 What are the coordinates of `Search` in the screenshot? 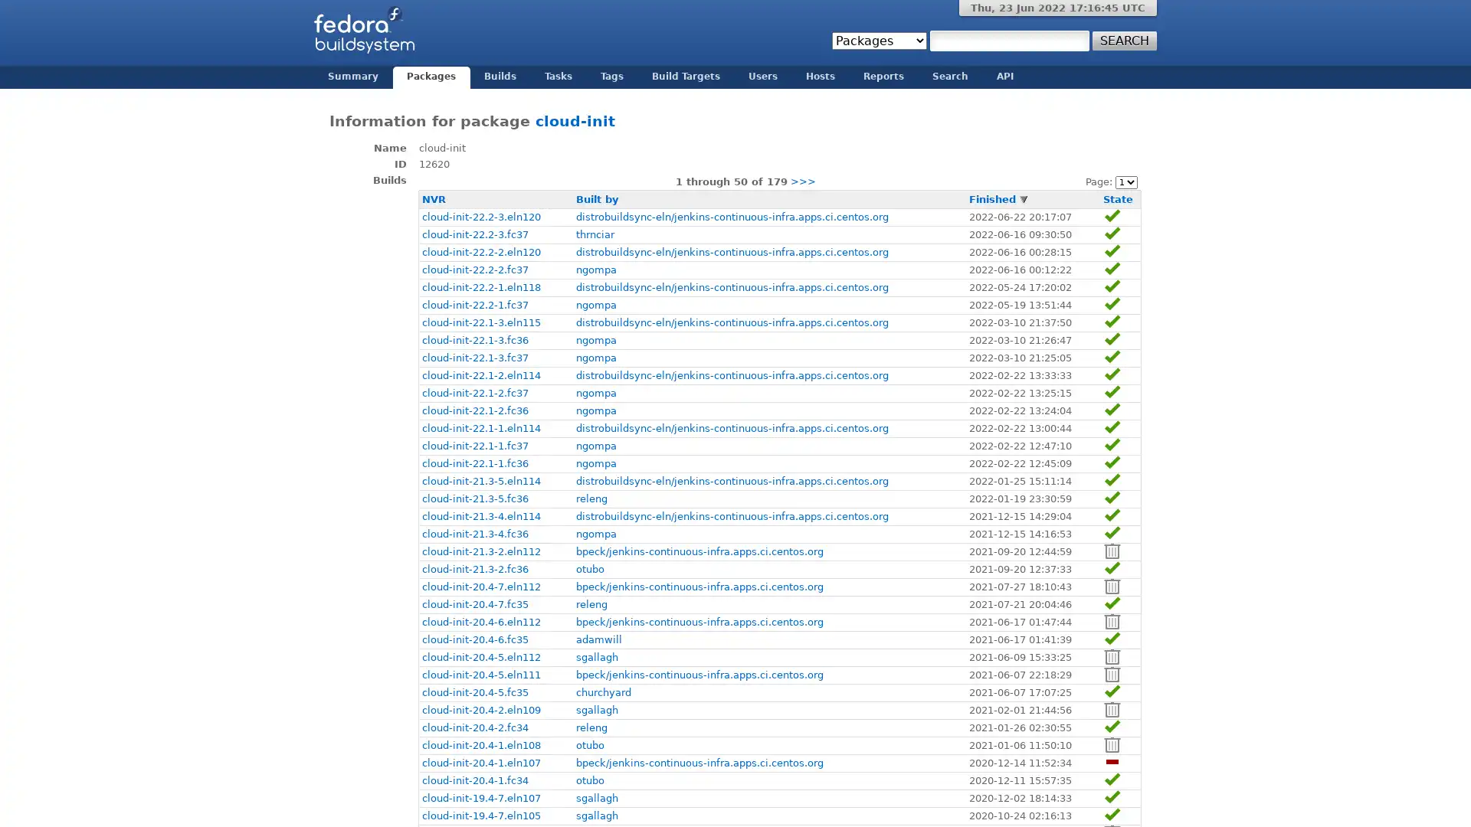 It's located at (1125, 40).